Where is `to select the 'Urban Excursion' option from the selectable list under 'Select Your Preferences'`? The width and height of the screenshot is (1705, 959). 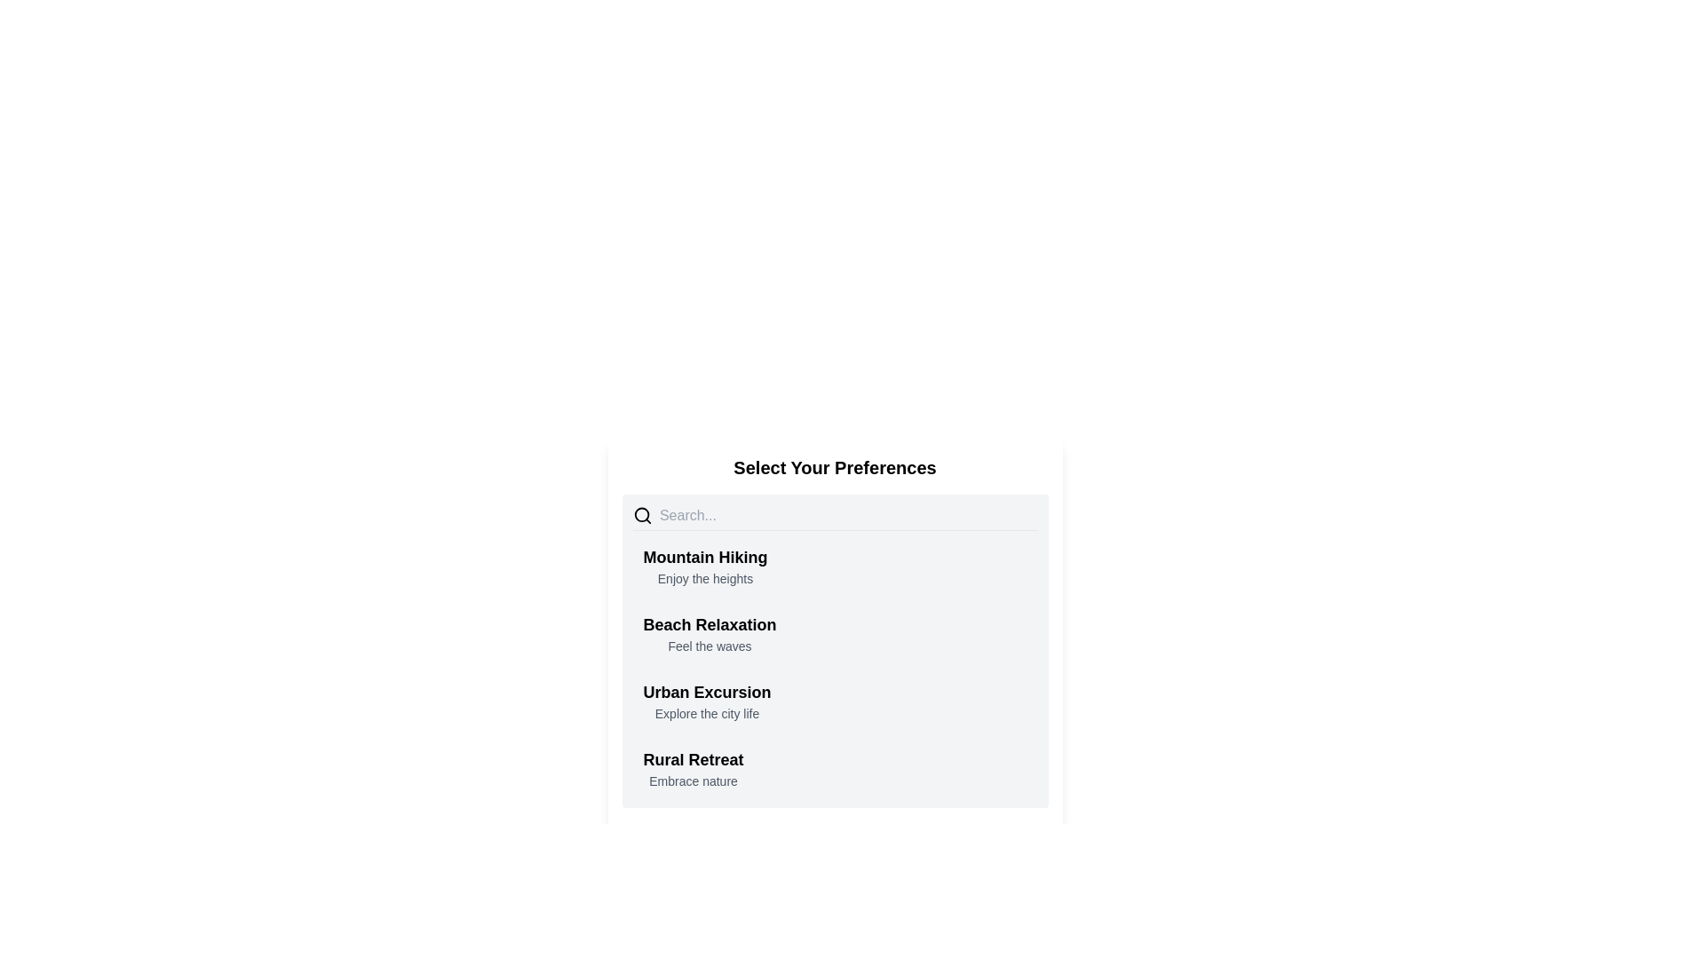
to select the 'Urban Excursion' option from the selectable list under 'Select Your Preferences' is located at coordinates (706, 701).